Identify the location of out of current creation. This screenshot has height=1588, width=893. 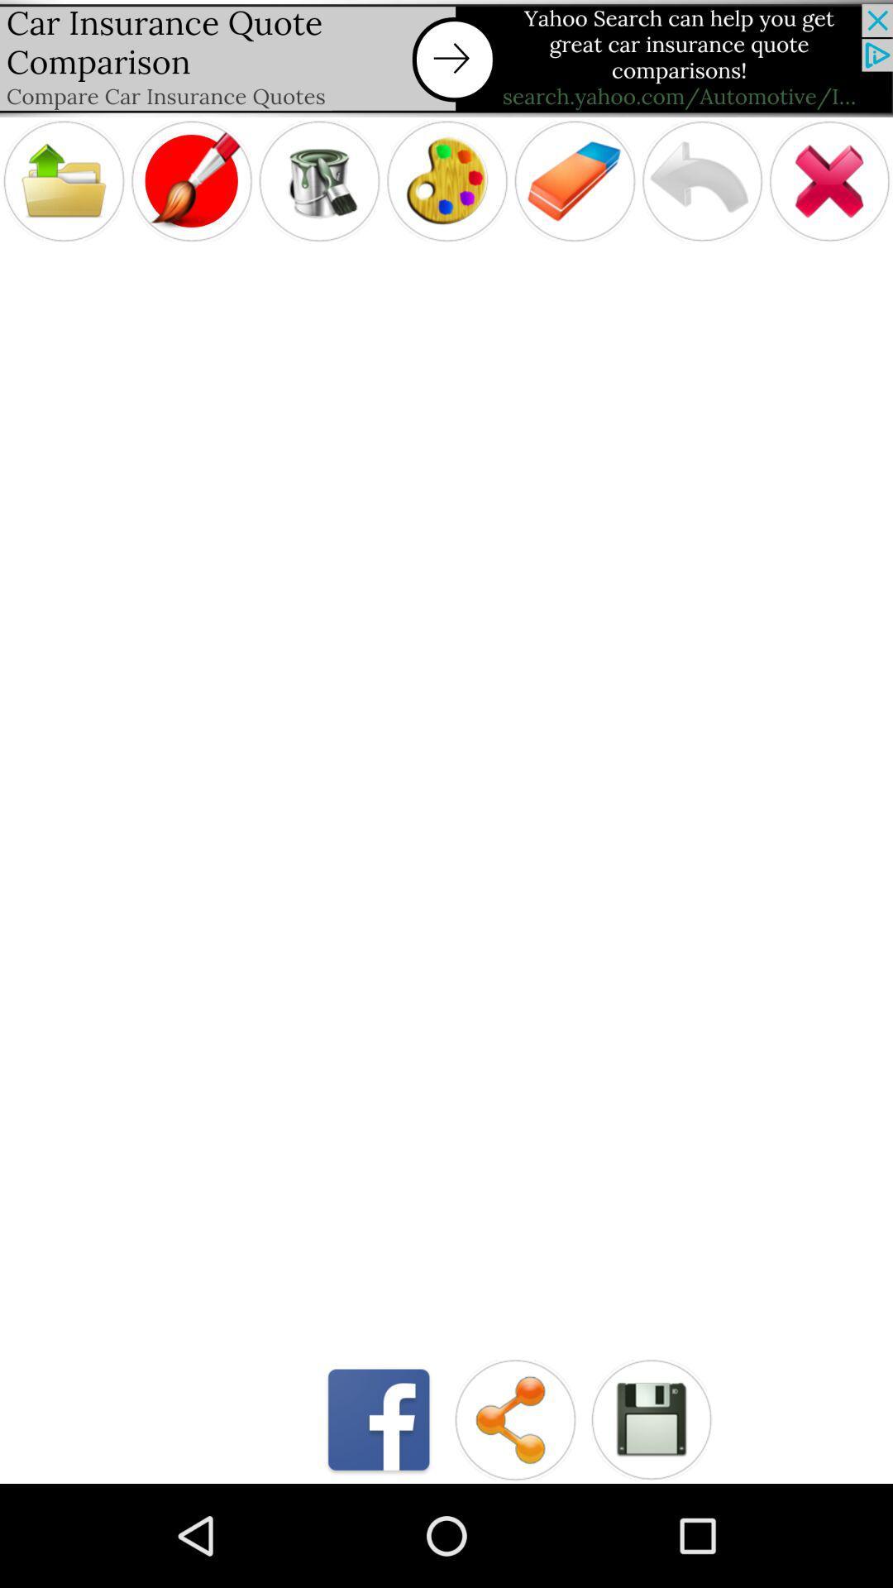
(829, 181).